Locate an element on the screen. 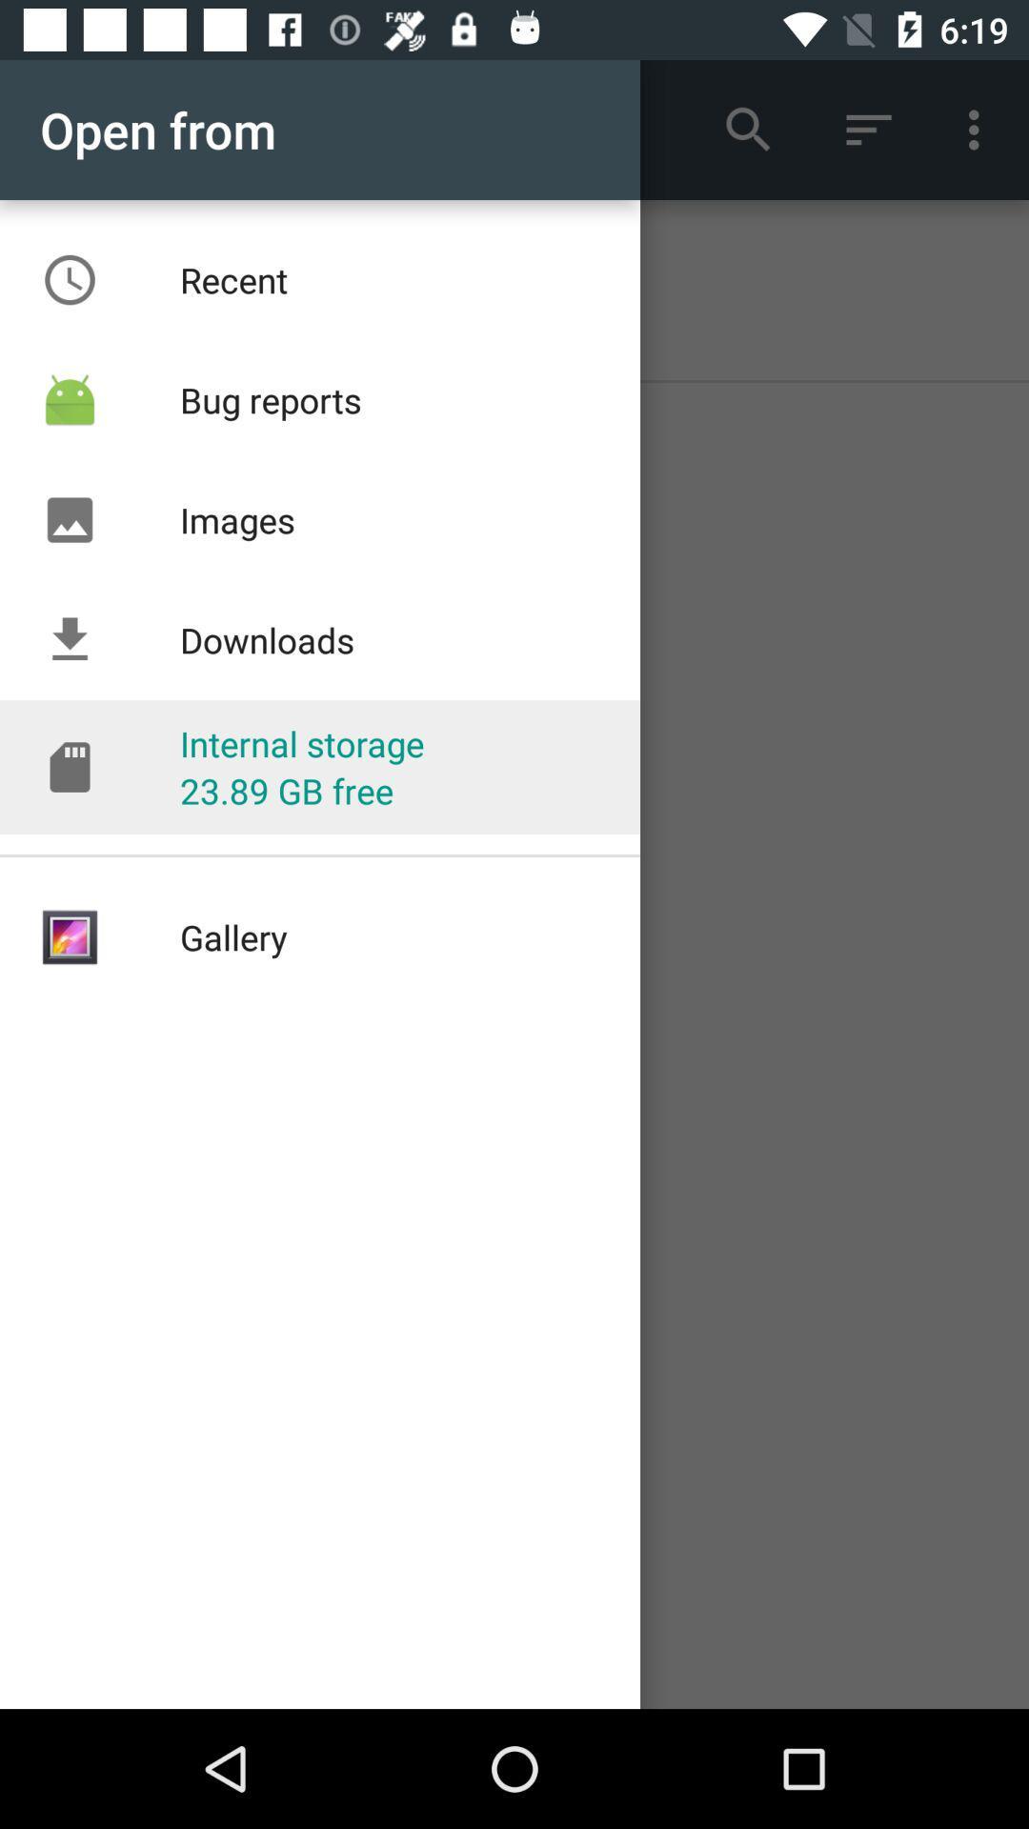  the search tool is located at coordinates (748, 130).